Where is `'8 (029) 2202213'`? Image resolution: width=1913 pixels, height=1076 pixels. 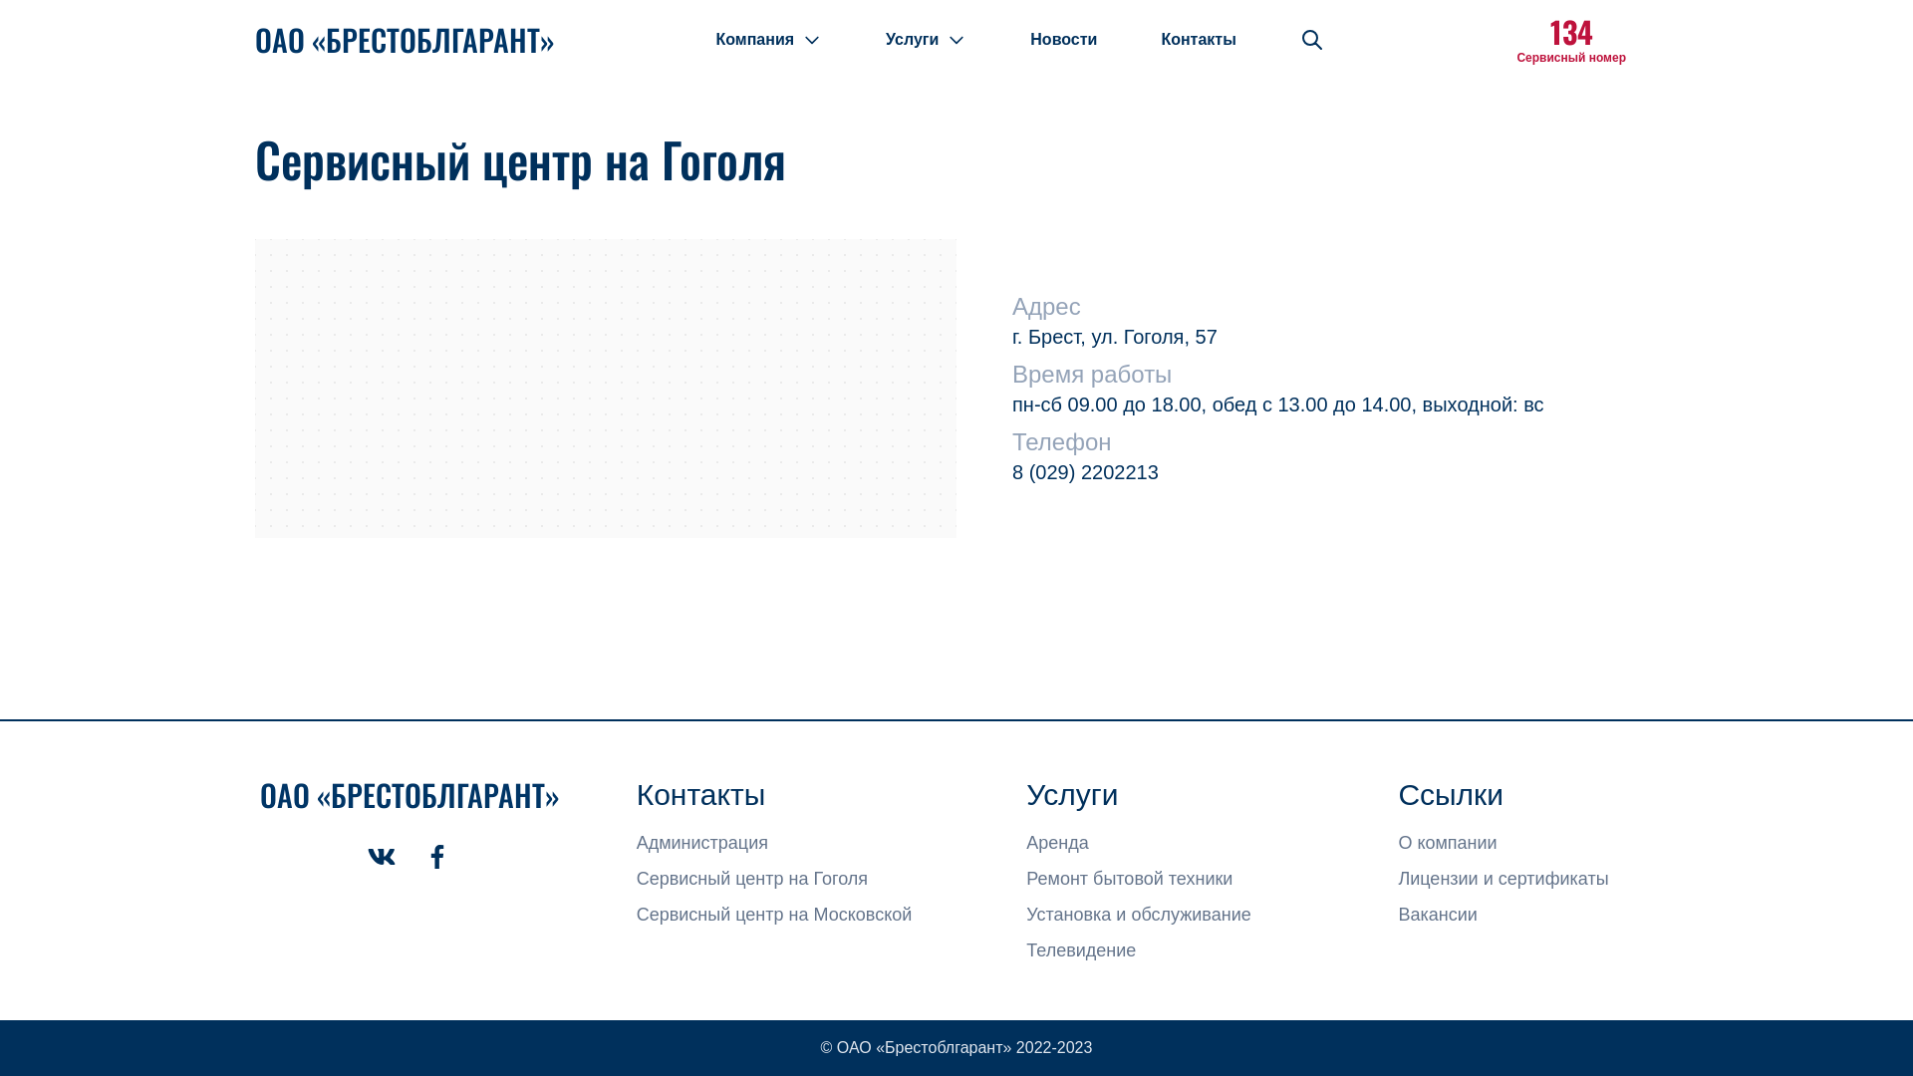
'8 (029) 2202213' is located at coordinates (1084, 472).